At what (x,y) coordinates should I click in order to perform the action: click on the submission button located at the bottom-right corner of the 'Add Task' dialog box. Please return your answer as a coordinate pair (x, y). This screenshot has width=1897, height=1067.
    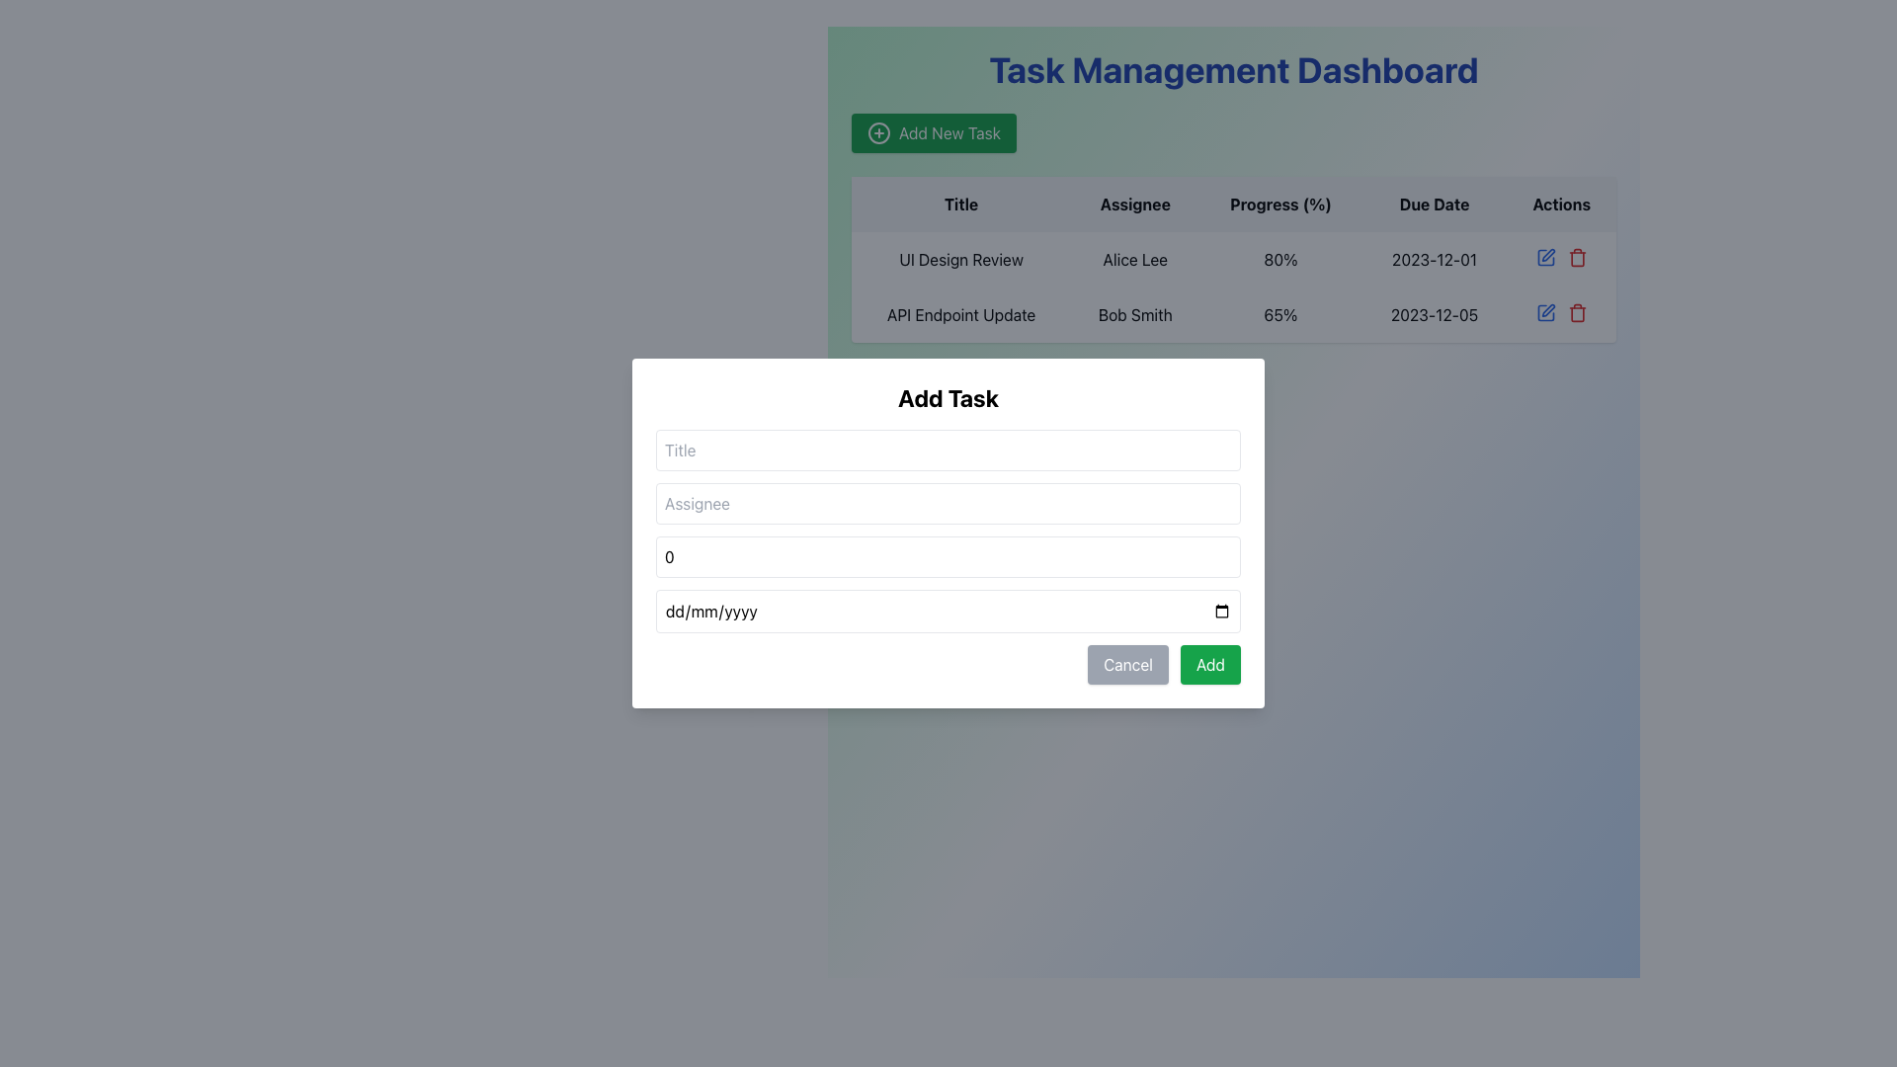
    Looking at the image, I should click on (1209, 664).